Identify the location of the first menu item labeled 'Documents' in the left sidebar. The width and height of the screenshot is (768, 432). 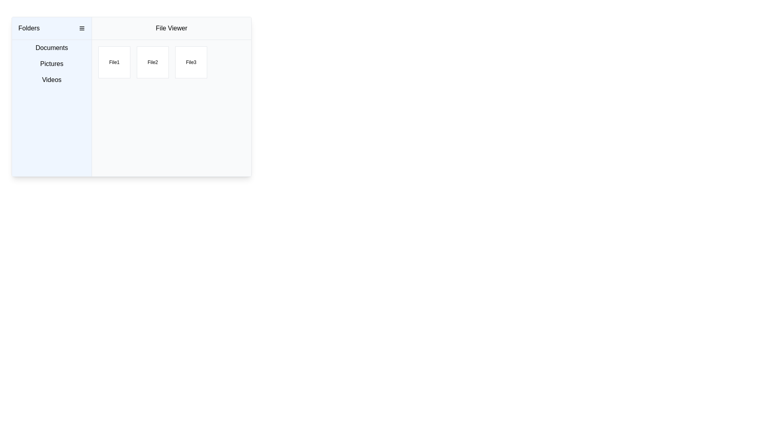
(51, 48).